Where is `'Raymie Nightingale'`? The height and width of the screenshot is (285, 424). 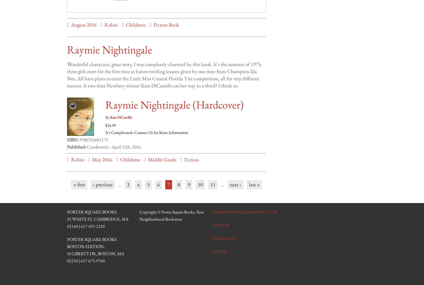
'Raymie Nightingale' is located at coordinates (109, 44).